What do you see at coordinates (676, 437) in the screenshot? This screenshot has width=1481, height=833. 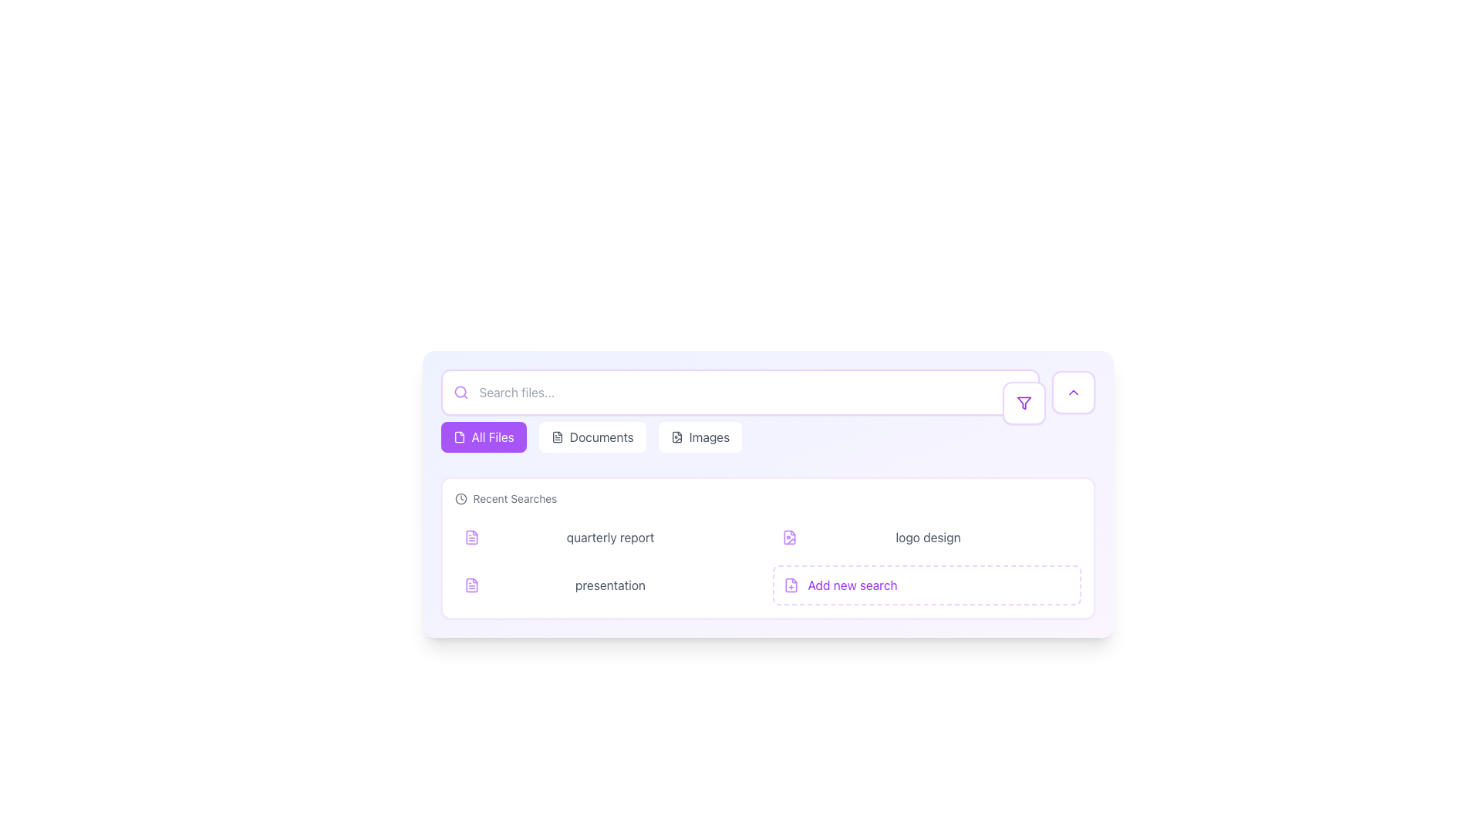 I see `the icon on the 'Images' button located in the top section of the interface` at bounding box center [676, 437].